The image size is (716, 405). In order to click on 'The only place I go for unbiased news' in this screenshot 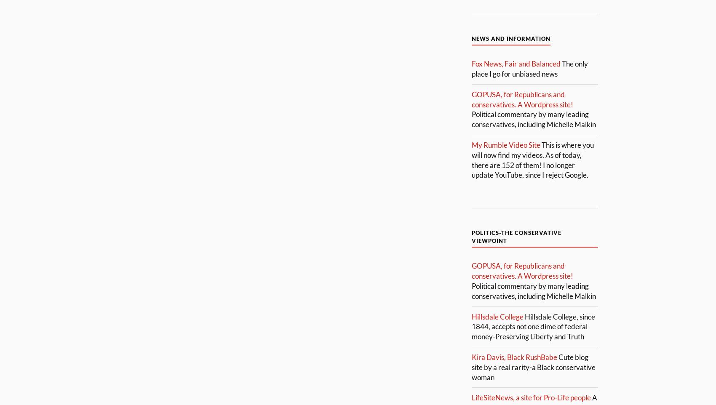, I will do `click(529, 69)`.